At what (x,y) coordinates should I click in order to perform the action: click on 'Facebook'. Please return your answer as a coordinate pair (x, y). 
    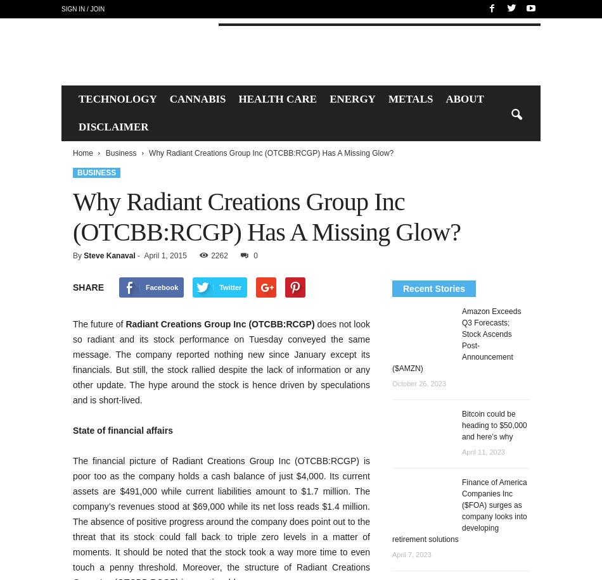
    Looking at the image, I should click on (160, 286).